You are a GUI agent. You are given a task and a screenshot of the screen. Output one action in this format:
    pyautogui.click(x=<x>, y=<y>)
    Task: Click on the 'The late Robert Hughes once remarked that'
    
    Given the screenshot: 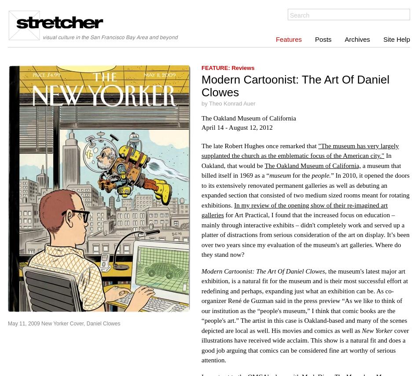 What is the action you would take?
    pyautogui.click(x=201, y=145)
    